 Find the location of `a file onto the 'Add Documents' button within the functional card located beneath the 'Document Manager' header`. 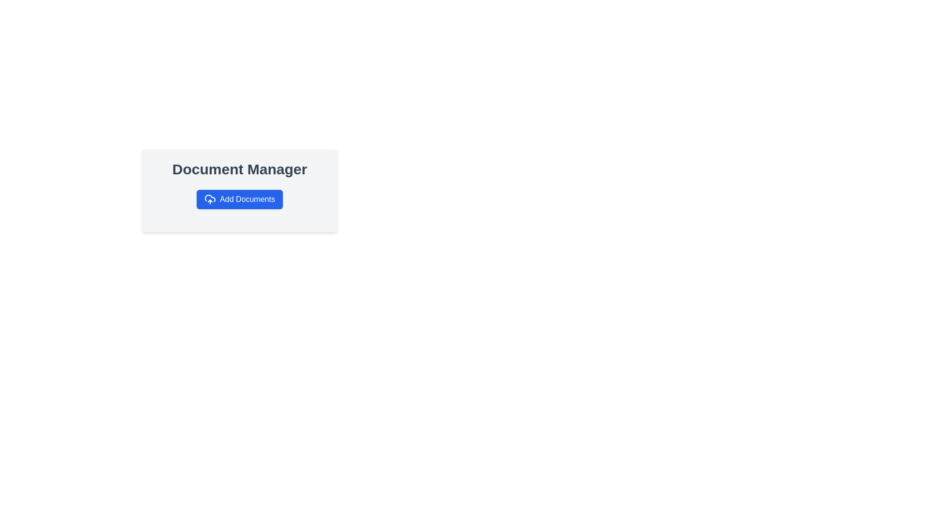

a file onto the 'Add Documents' button within the functional card located beneath the 'Document Manager' header is located at coordinates (239, 190).